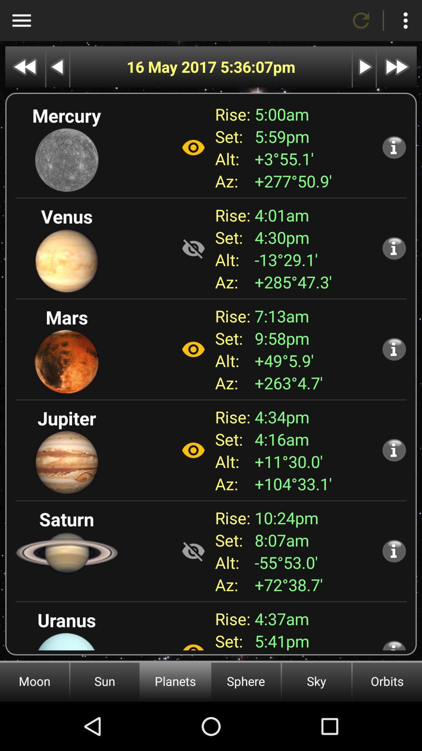 The width and height of the screenshot is (422, 751). Describe the element at coordinates (21, 20) in the screenshot. I see `open main menu list view` at that location.